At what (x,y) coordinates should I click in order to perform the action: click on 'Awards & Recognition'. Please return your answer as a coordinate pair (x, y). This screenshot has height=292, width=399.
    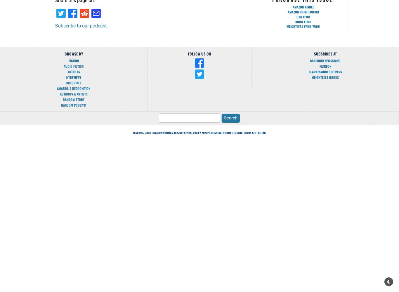
    Looking at the image, I should click on (74, 88).